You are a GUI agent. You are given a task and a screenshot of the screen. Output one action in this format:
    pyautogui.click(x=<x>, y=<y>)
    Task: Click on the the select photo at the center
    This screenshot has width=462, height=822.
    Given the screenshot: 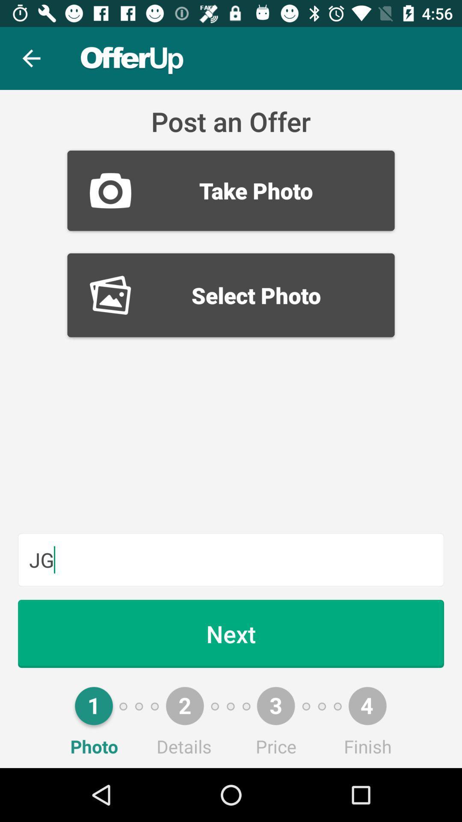 What is the action you would take?
    pyautogui.click(x=231, y=295)
    